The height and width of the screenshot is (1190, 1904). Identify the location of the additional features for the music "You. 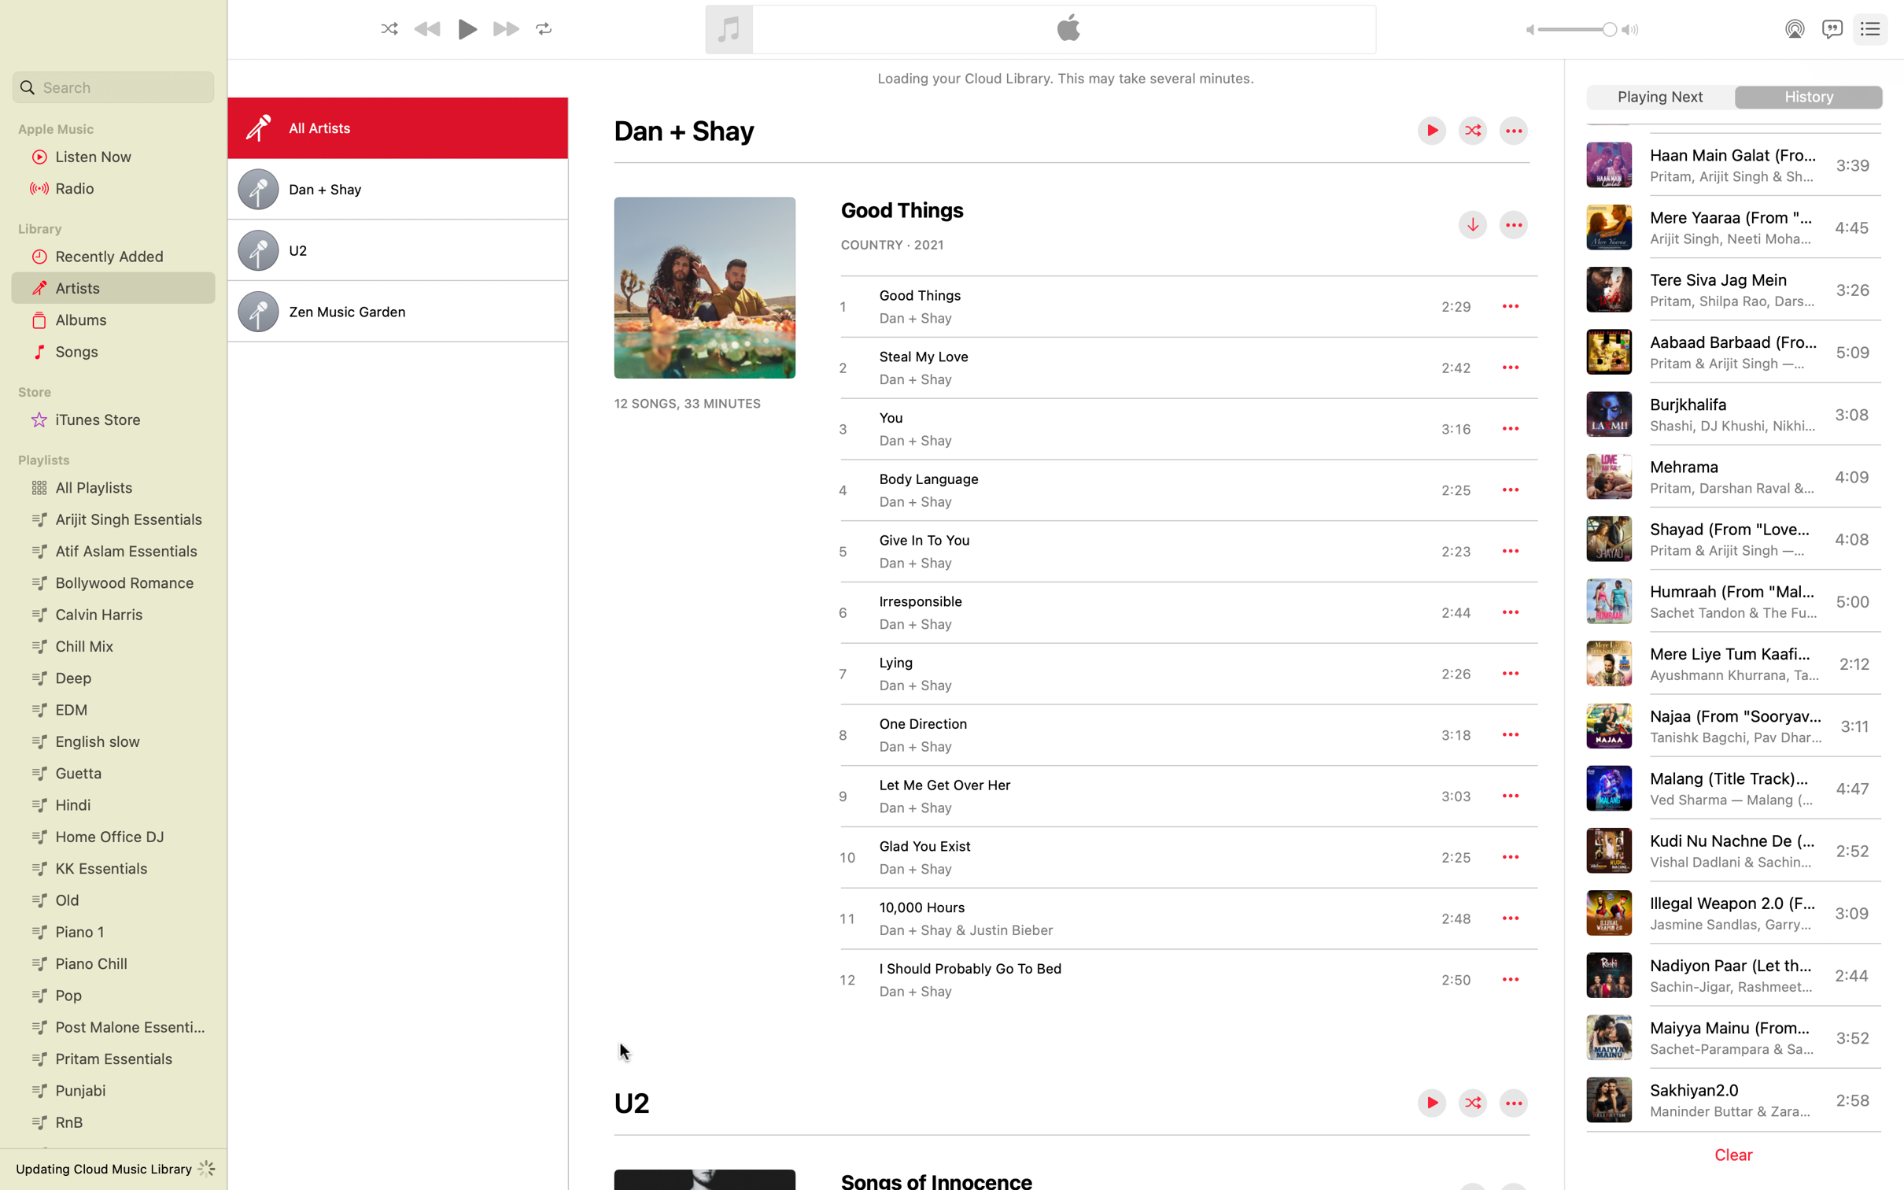
(1508, 429).